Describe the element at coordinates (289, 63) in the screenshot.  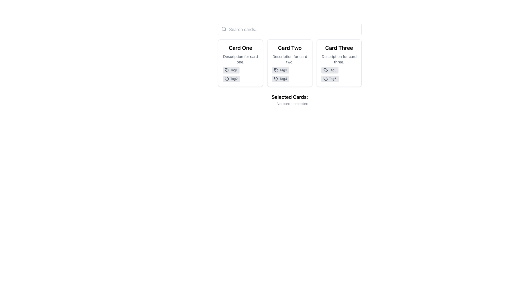
I see `the second card in a horizontal layout` at that location.